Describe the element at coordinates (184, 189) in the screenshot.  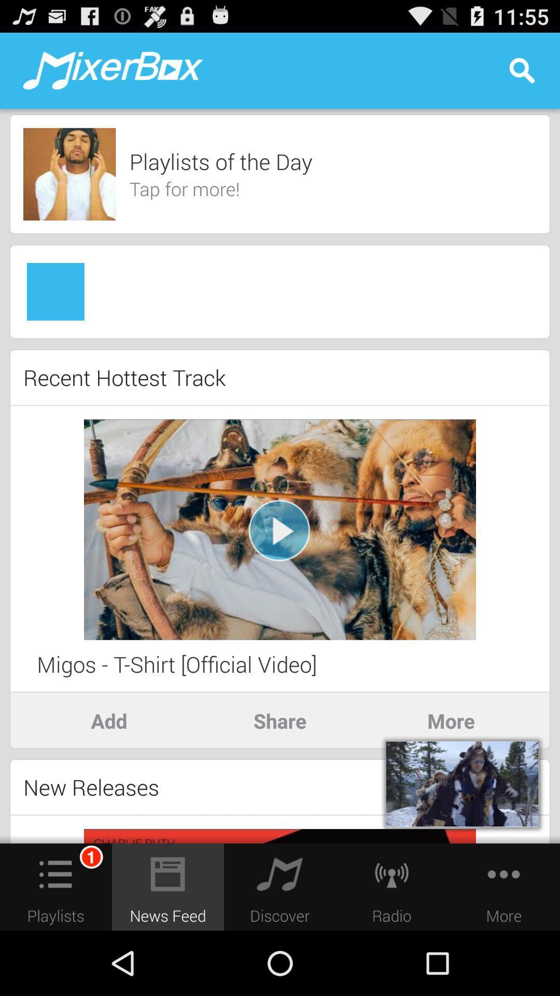
I see `the tap for more! item` at that location.